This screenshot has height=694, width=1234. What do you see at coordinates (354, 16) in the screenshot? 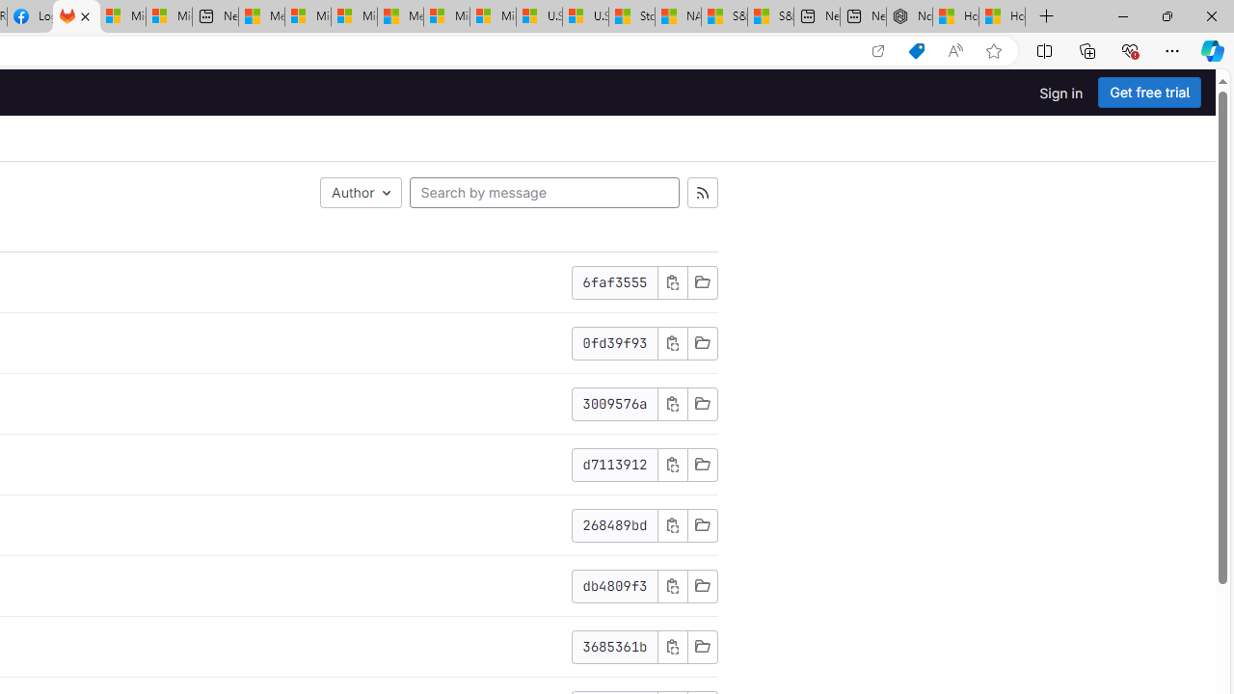
I see `'Microsoft account | Home'` at bounding box center [354, 16].